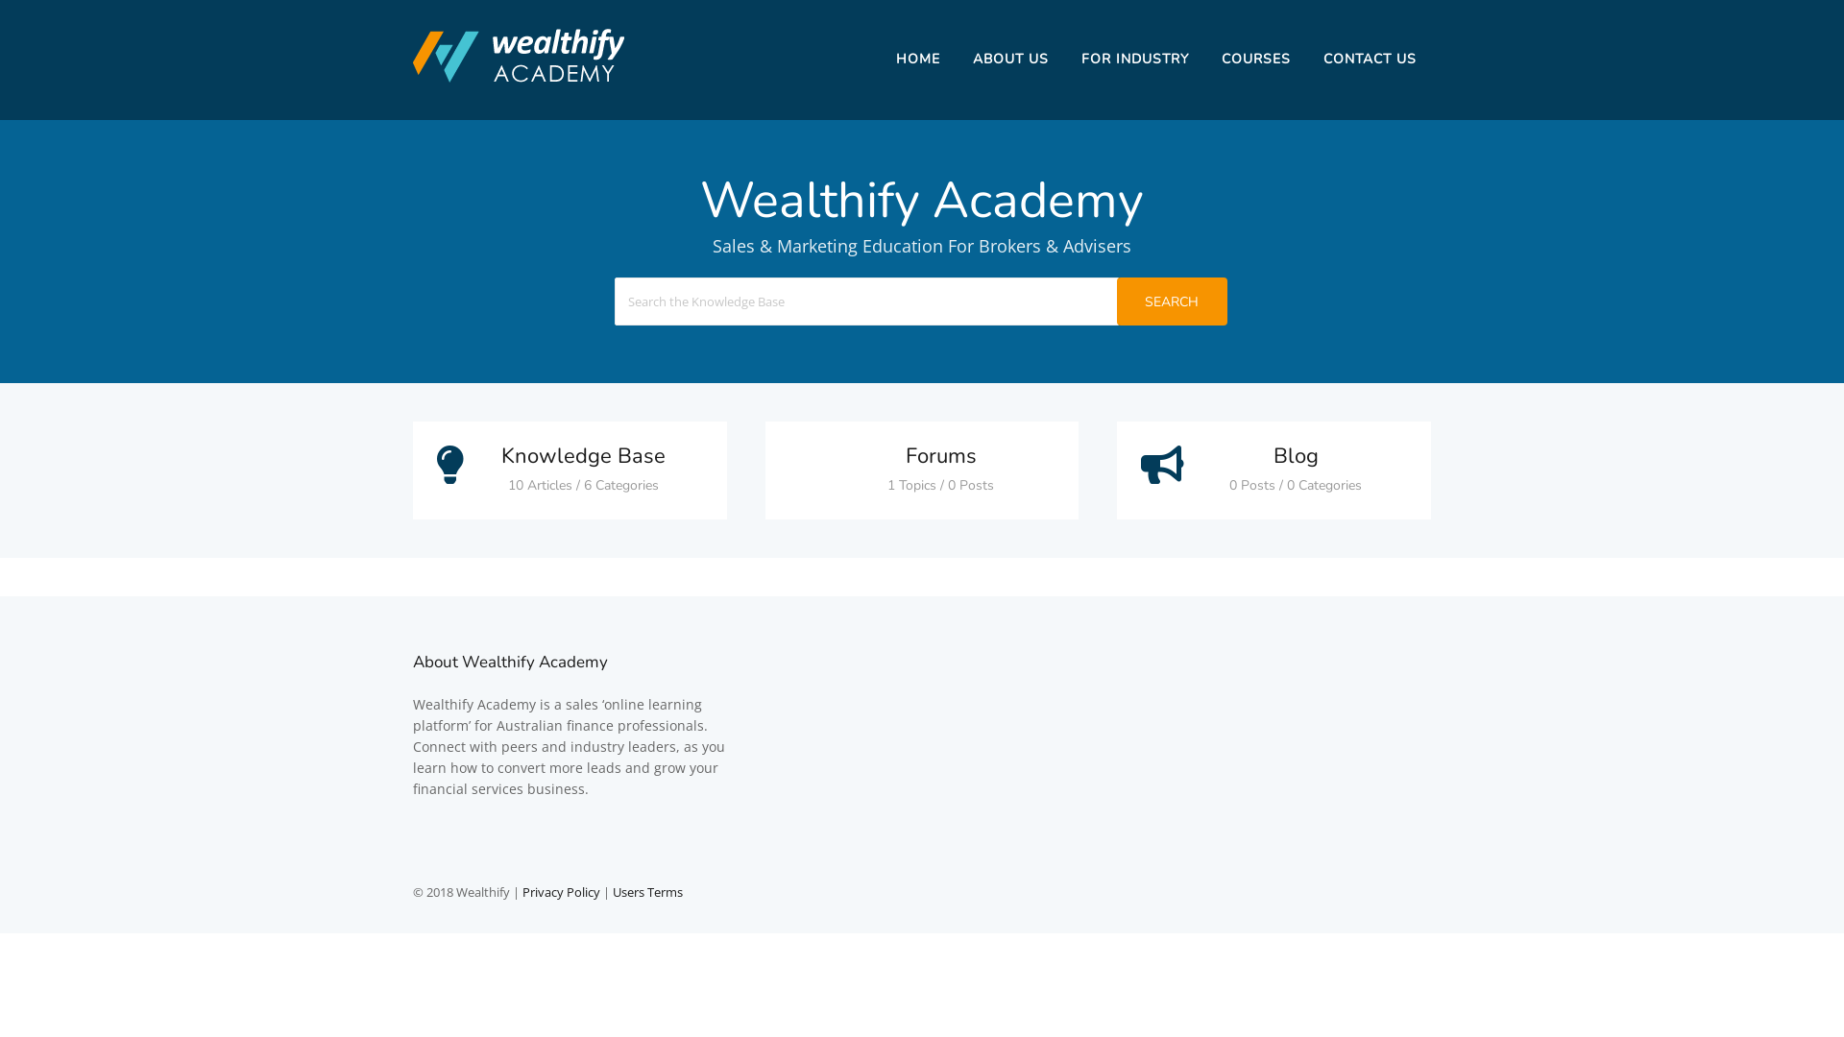 This screenshot has width=1844, height=1037. Describe the element at coordinates (569, 470) in the screenshot. I see `'Knowledge Base` at that location.